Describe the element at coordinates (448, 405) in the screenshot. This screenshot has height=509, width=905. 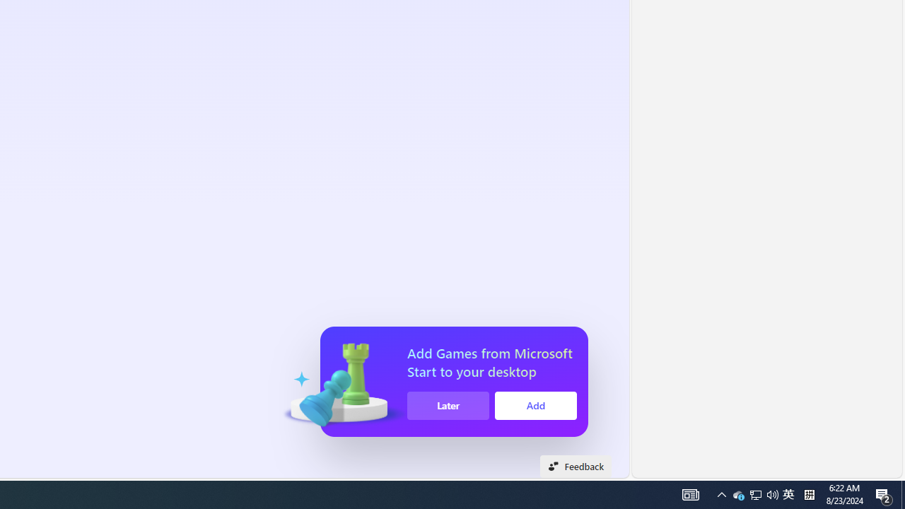
I see `'Later'` at that location.